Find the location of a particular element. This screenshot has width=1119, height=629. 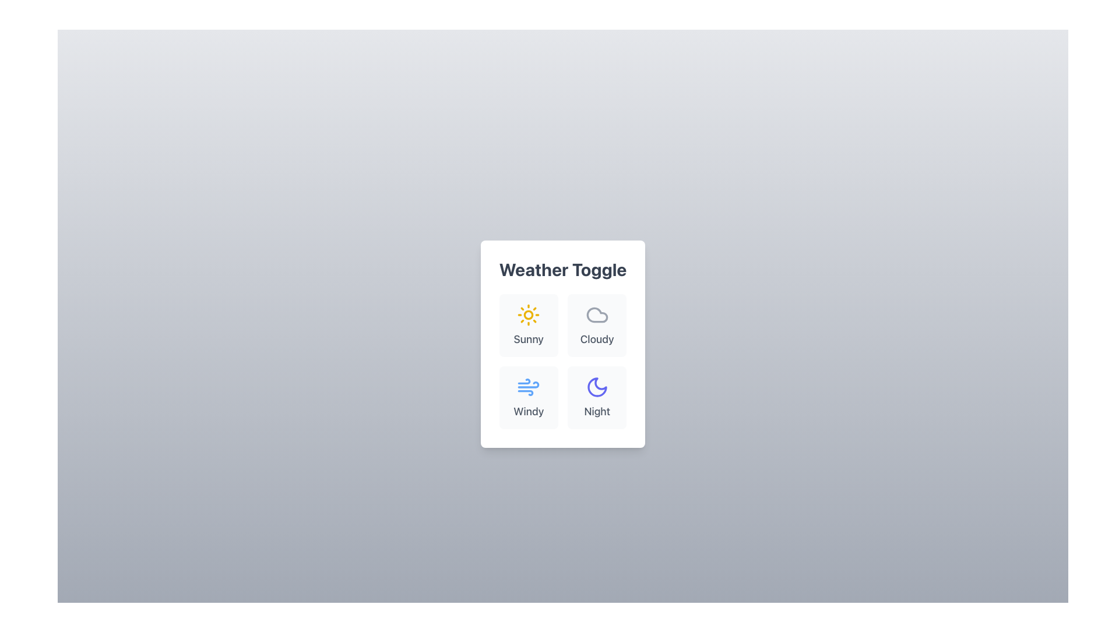

the 'Cloudy' weather option button, which is a card-like component with a cloud icon and gray text, located in the upper-right section of the 'Weather Toggle' grid is located at coordinates (597, 326).